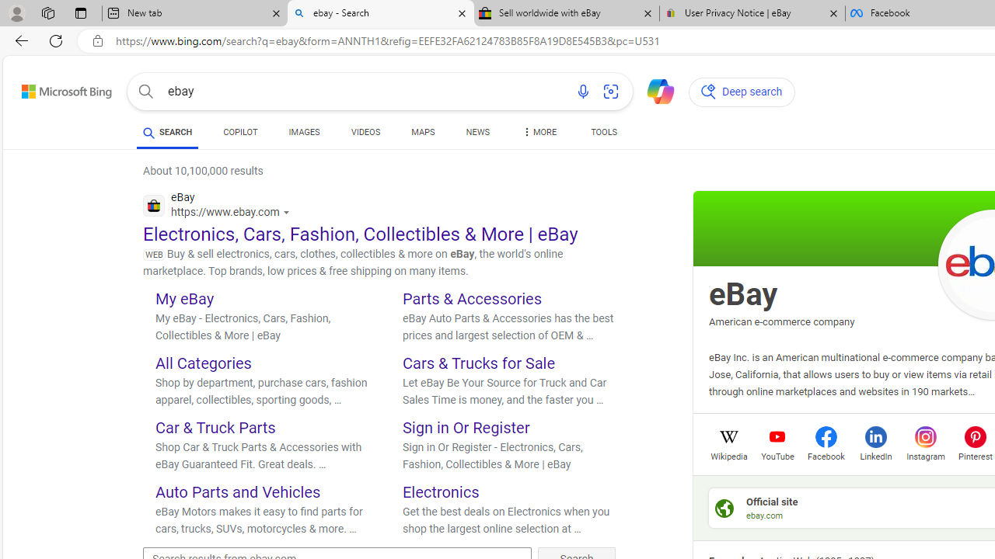  What do you see at coordinates (926, 454) in the screenshot?
I see `'Instagram'` at bounding box center [926, 454].